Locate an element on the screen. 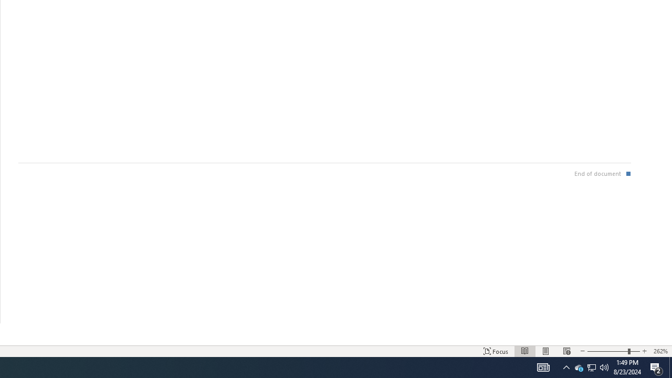 The height and width of the screenshot is (378, 672). 'Zoom Out' is located at coordinates (607, 351).